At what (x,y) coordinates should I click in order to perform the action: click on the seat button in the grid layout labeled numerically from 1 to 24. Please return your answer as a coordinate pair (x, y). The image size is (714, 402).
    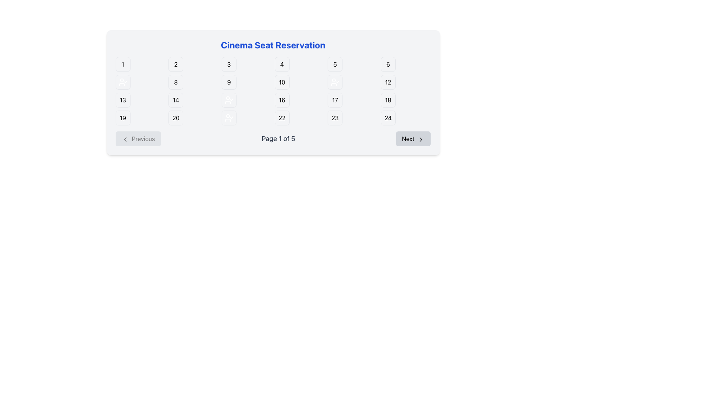
    Looking at the image, I should click on (273, 91).